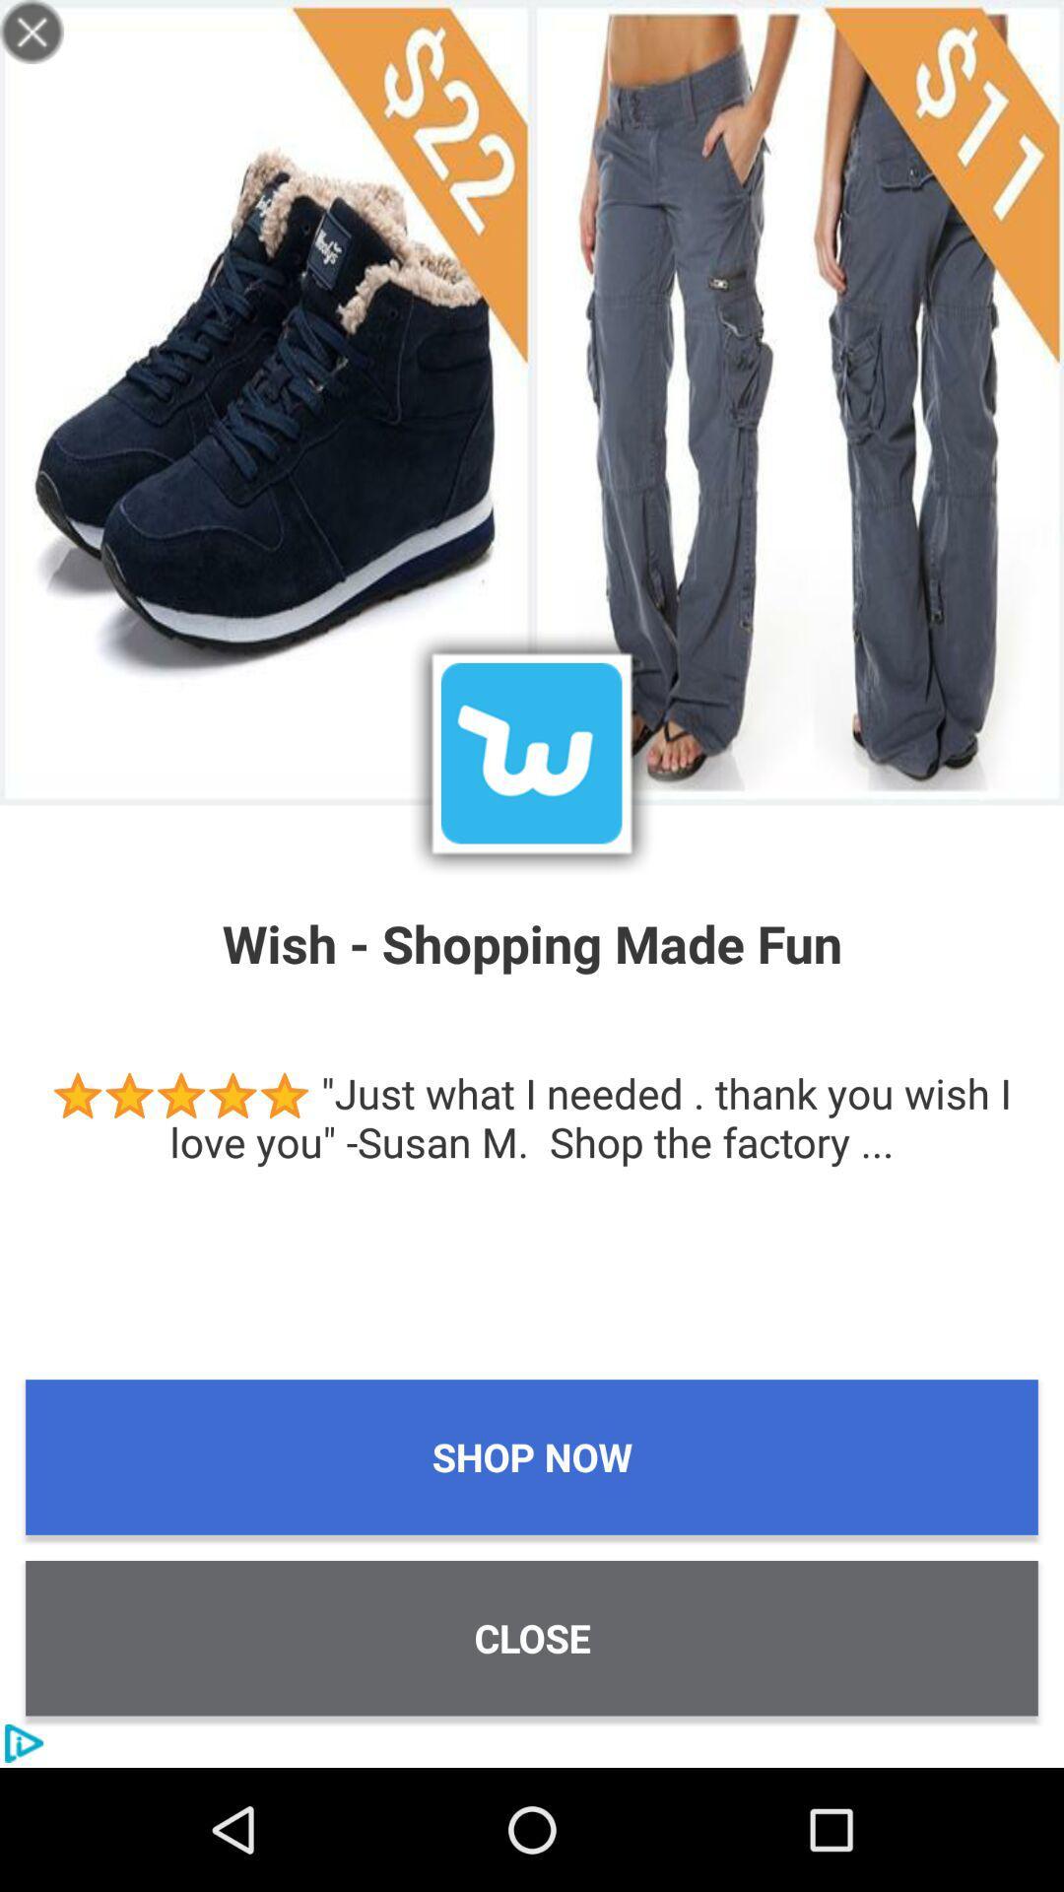  What do you see at coordinates (530, 752) in the screenshot?
I see `the twitter icon` at bounding box center [530, 752].